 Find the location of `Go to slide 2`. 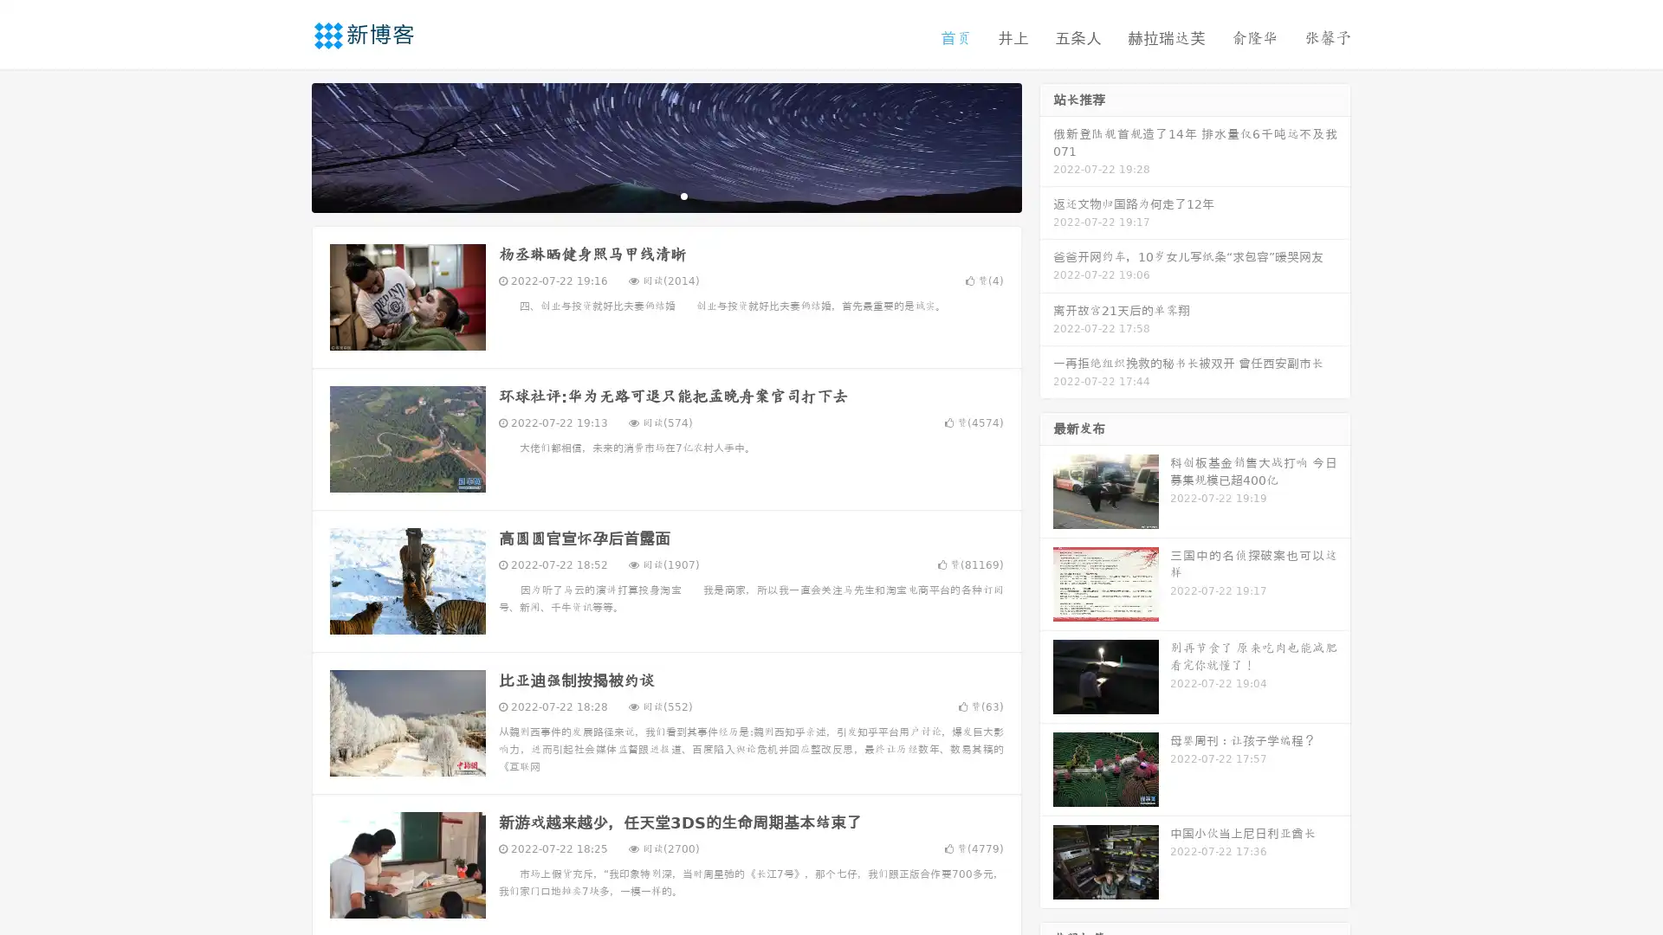

Go to slide 2 is located at coordinates (665, 195).